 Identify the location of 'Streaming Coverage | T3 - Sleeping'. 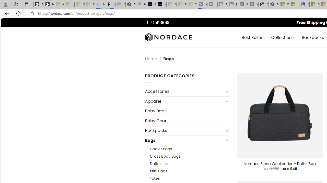
(202, 4).